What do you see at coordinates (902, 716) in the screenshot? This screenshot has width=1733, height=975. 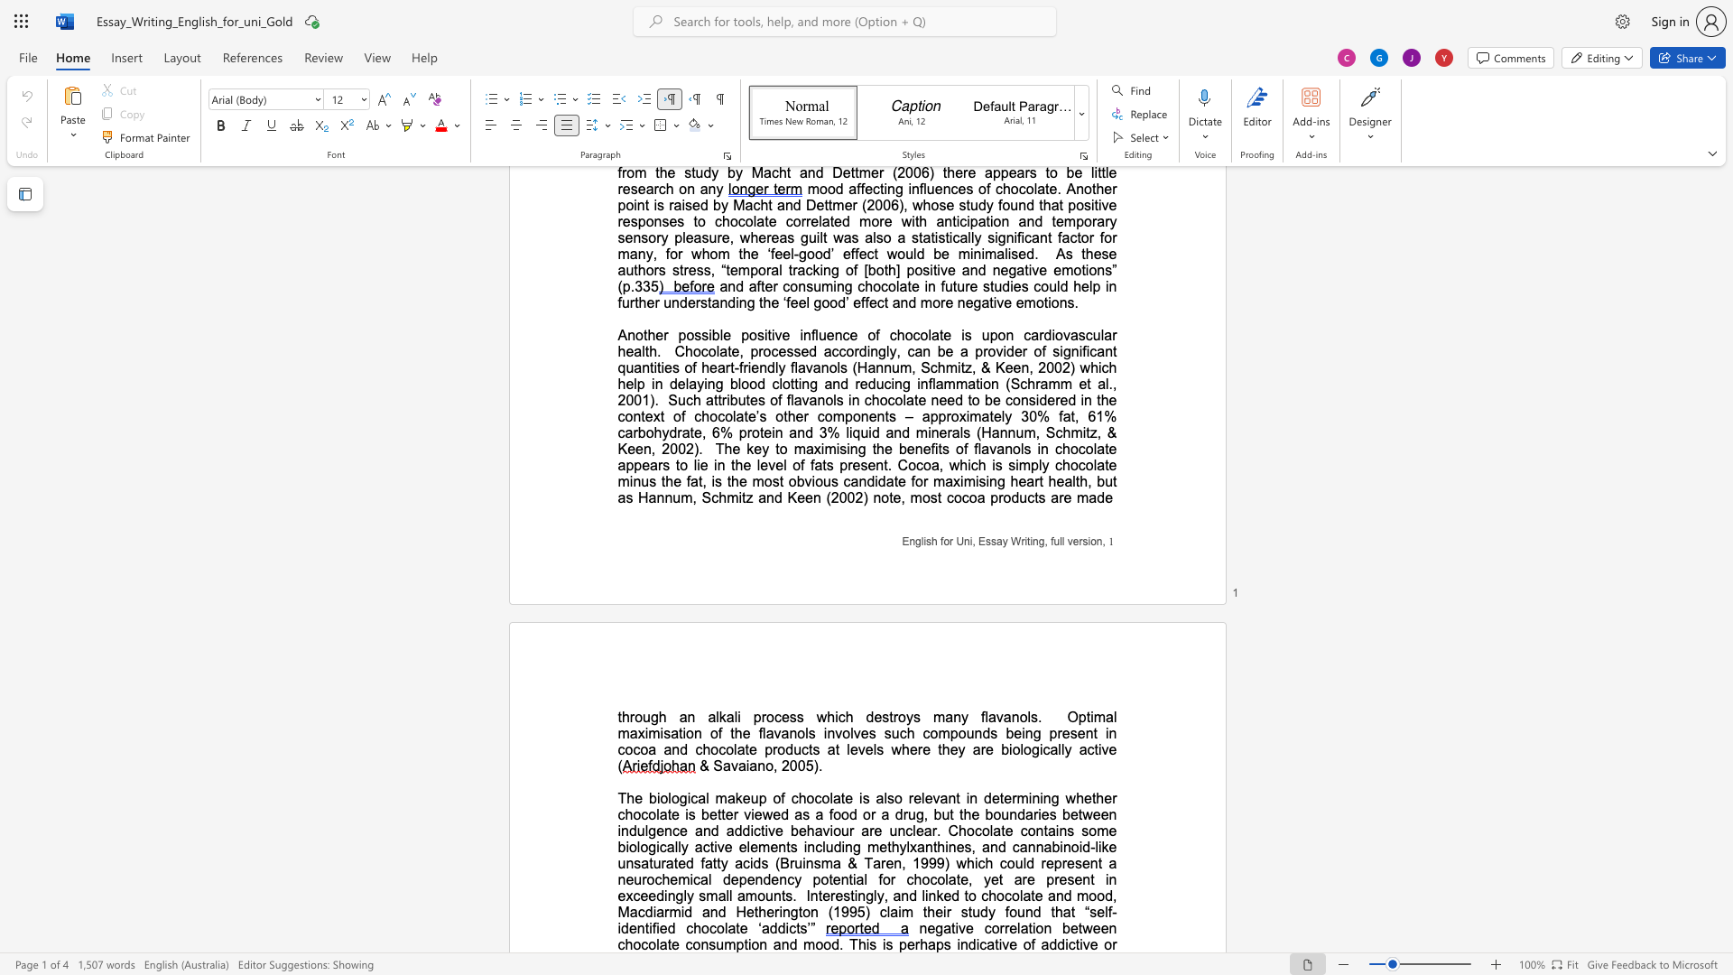 I see `the 3th character "o" in the text` at bounding box center [902, 716].